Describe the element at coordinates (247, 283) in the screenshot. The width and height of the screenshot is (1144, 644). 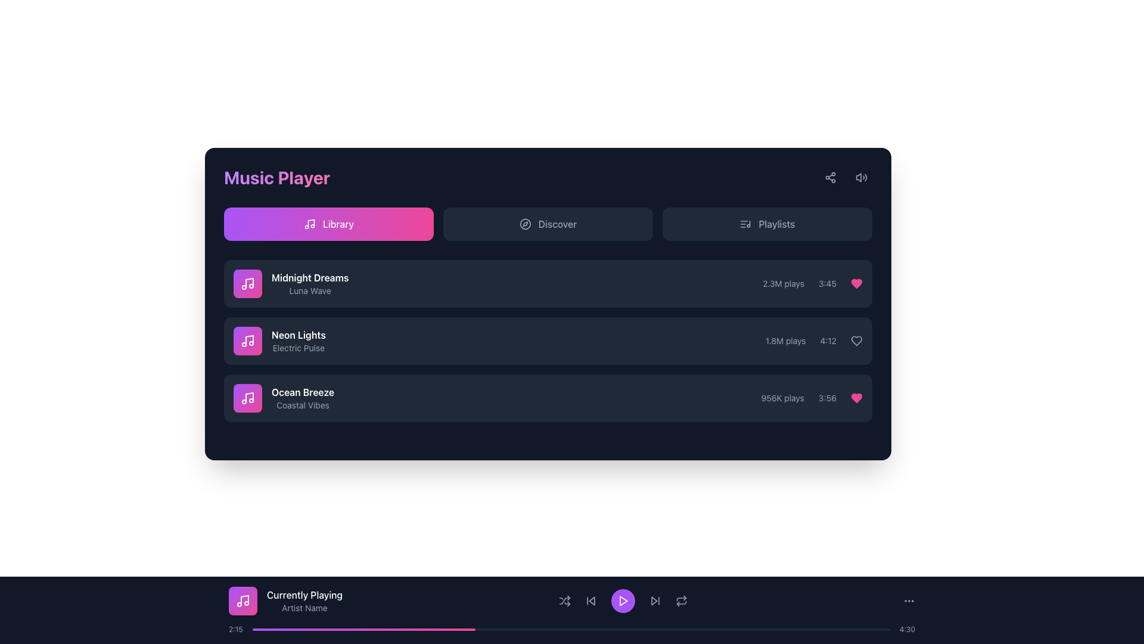
I see `the square gradient-filled icon with a music note symbol located at the leftmost part of the music player interface, aligning with the text 'Midnight Dreams' and 'Luna Wave'` at that location.